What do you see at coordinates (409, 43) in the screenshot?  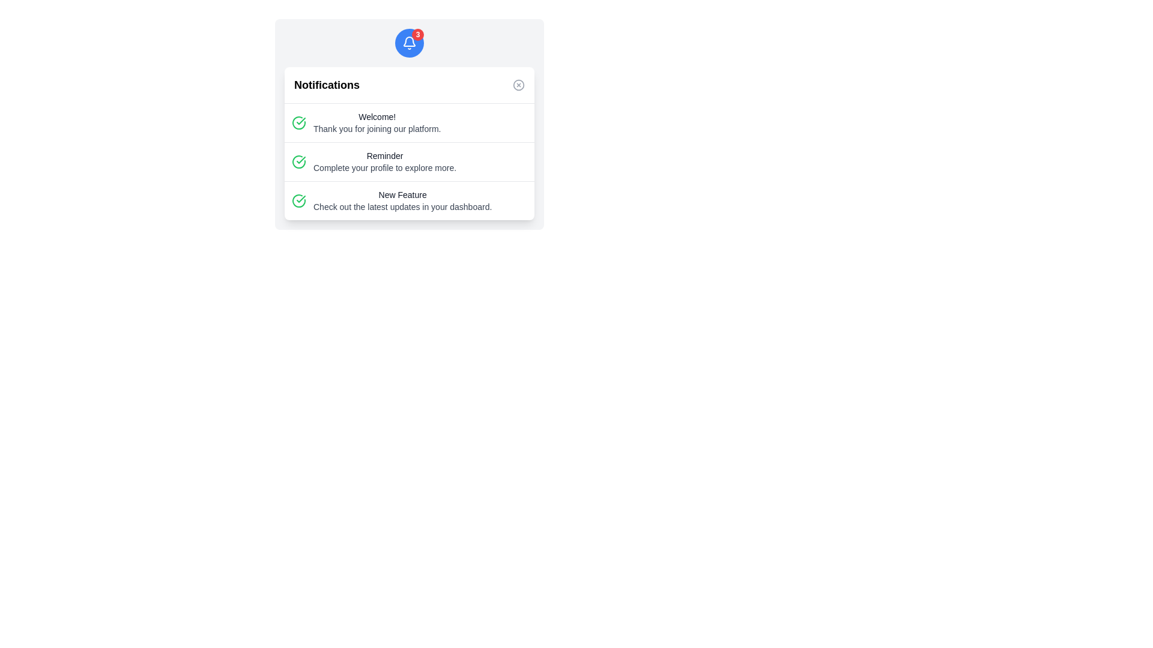 I see `the notification bell icon, which is centered within a circular blue background at the top of the notification card` at bounding box center [409, 43].